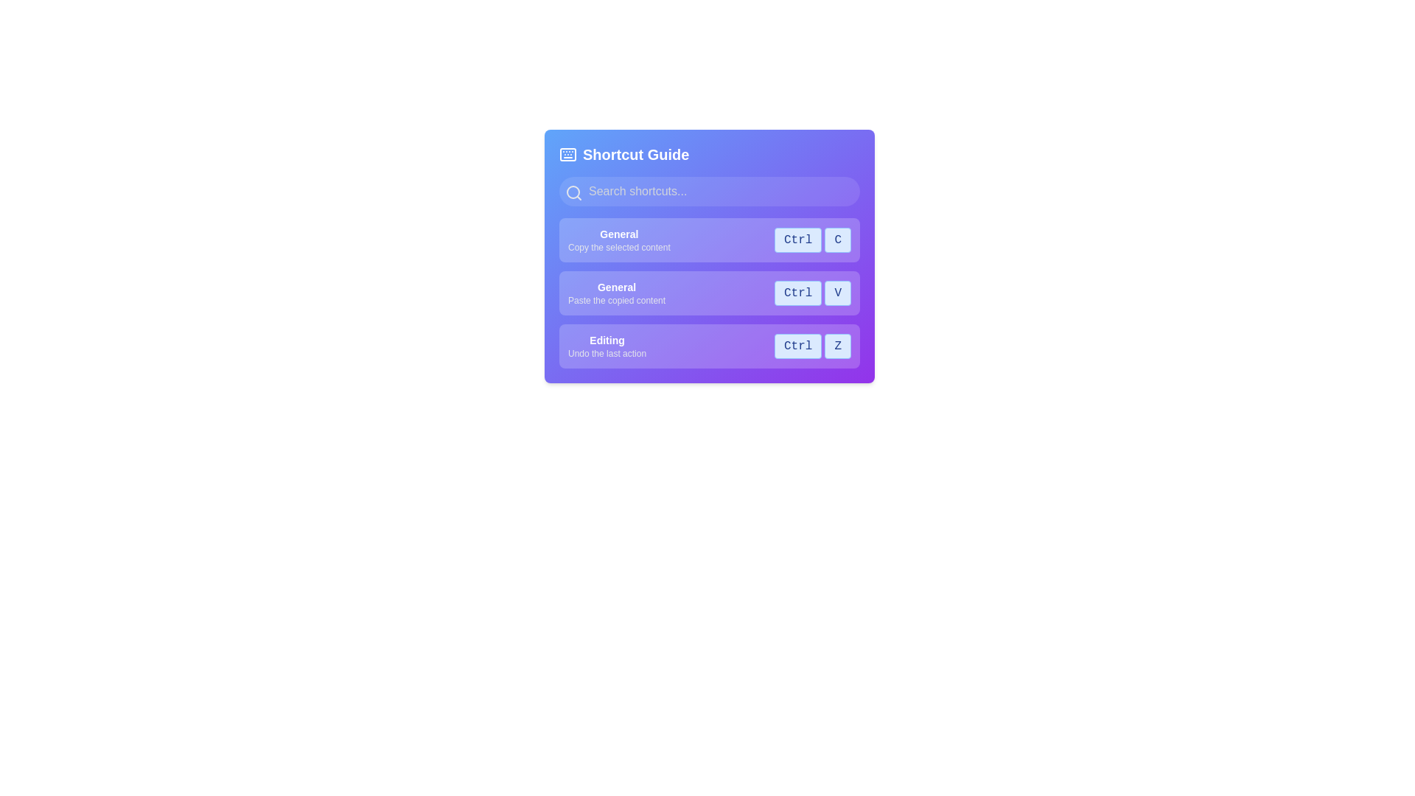 This screenshot has width=1415, height=796. I want to click on the descriptive text label indicating the functionality of the shortcut key 'Ctrl Z' located in the 'Editing' section, positioned to the right of the section title, so click(607, 353).